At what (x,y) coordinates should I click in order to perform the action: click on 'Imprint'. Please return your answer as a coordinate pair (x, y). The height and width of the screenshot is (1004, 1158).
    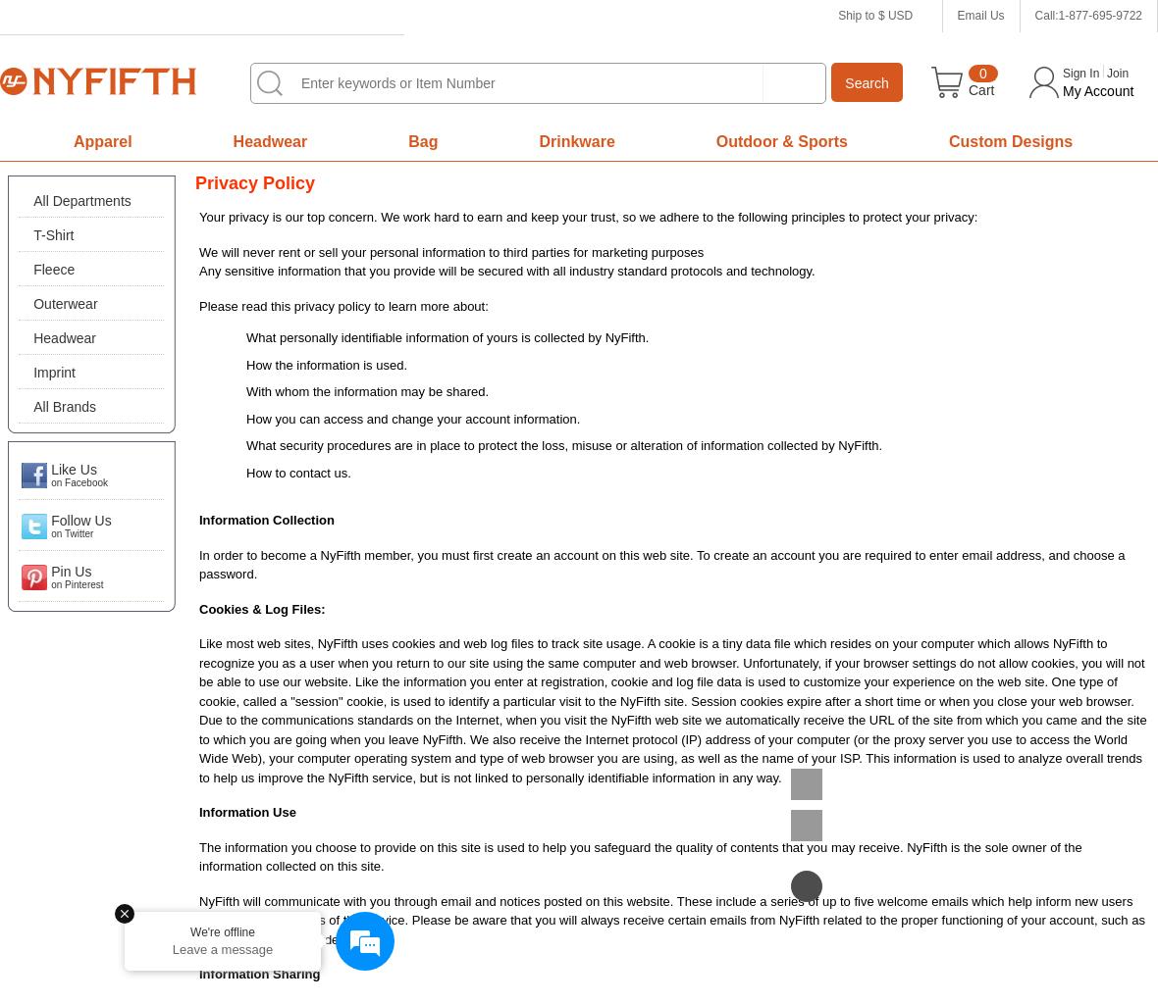
    Looking at the image, I should click on (31, 373).